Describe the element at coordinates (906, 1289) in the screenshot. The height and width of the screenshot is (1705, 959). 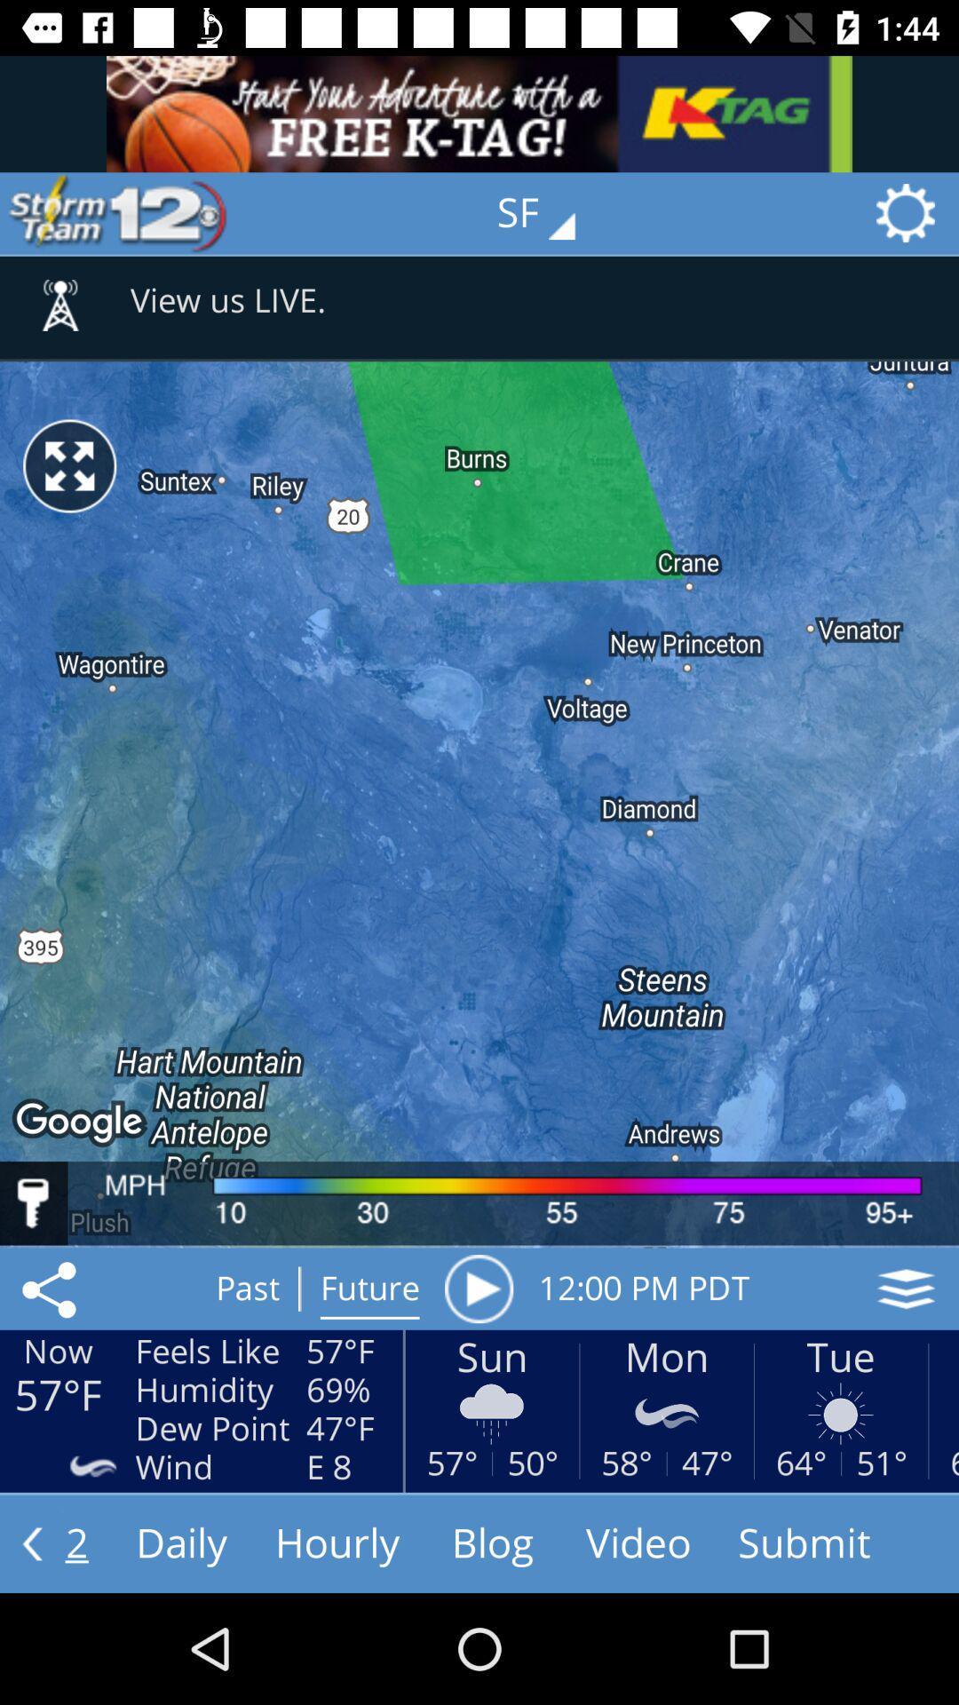
I see `the layers icon` at that location.